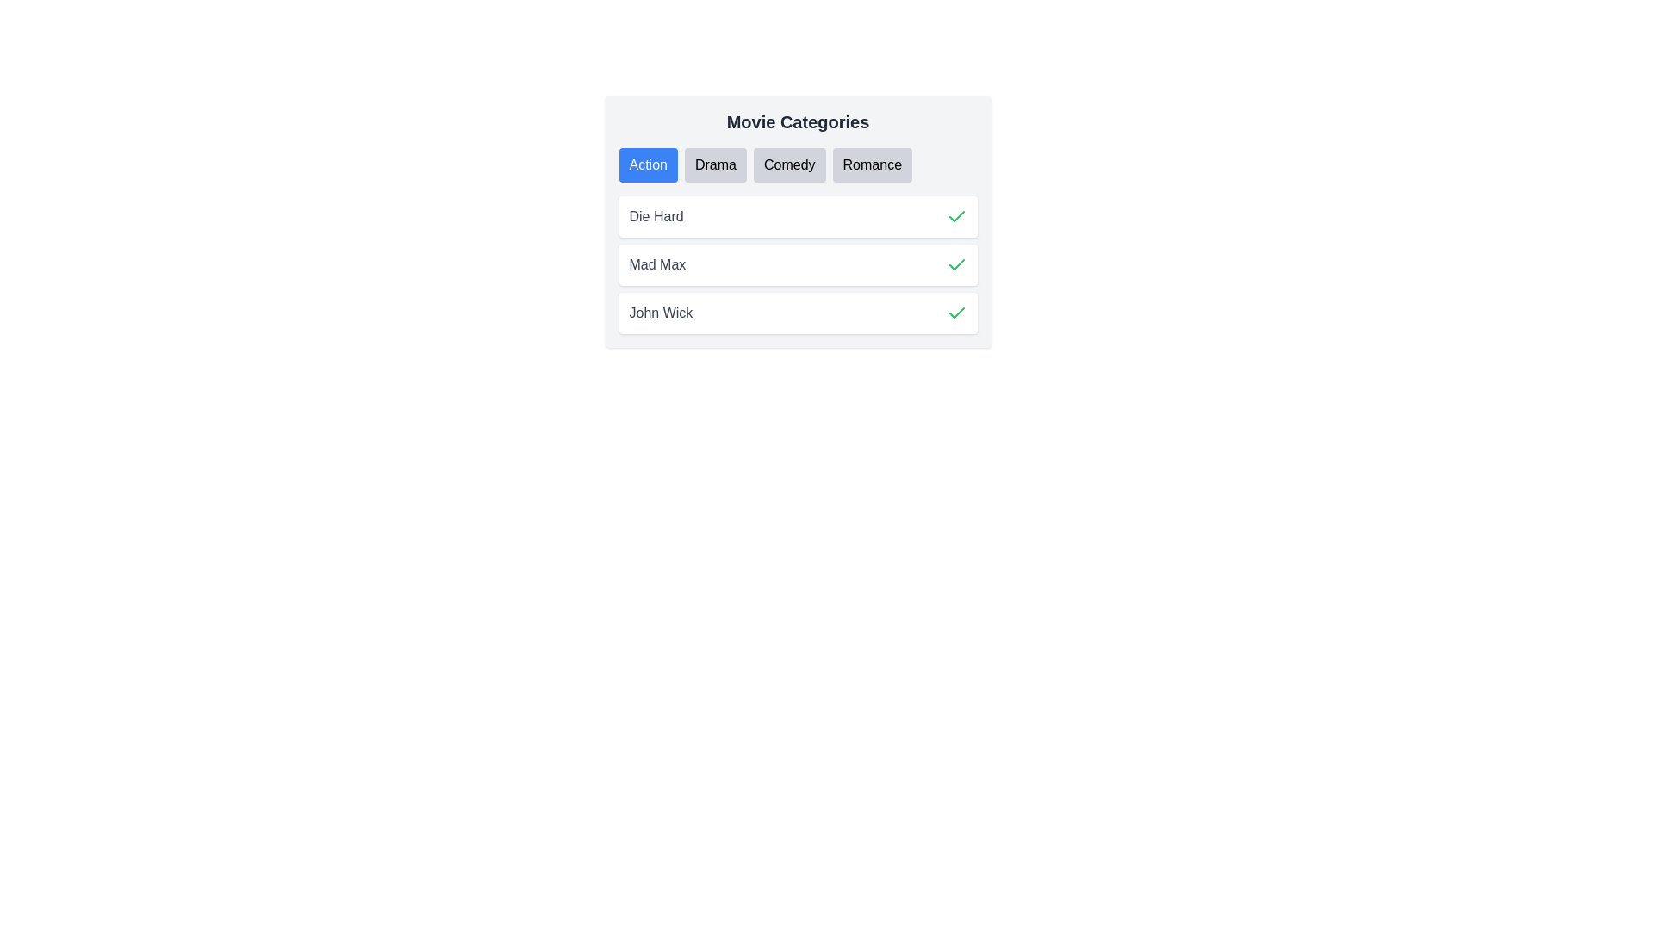 The height and width of the screenshot is (930, 1654). Describe the element at coordinates (797, 313) in the screenshot. I see `the selectable list item representing the movie 'John Wick' for interaction` at that location.